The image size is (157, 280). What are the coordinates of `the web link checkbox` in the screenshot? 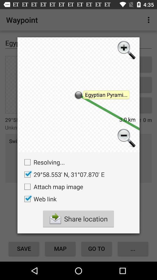 It's located at (39, 199).